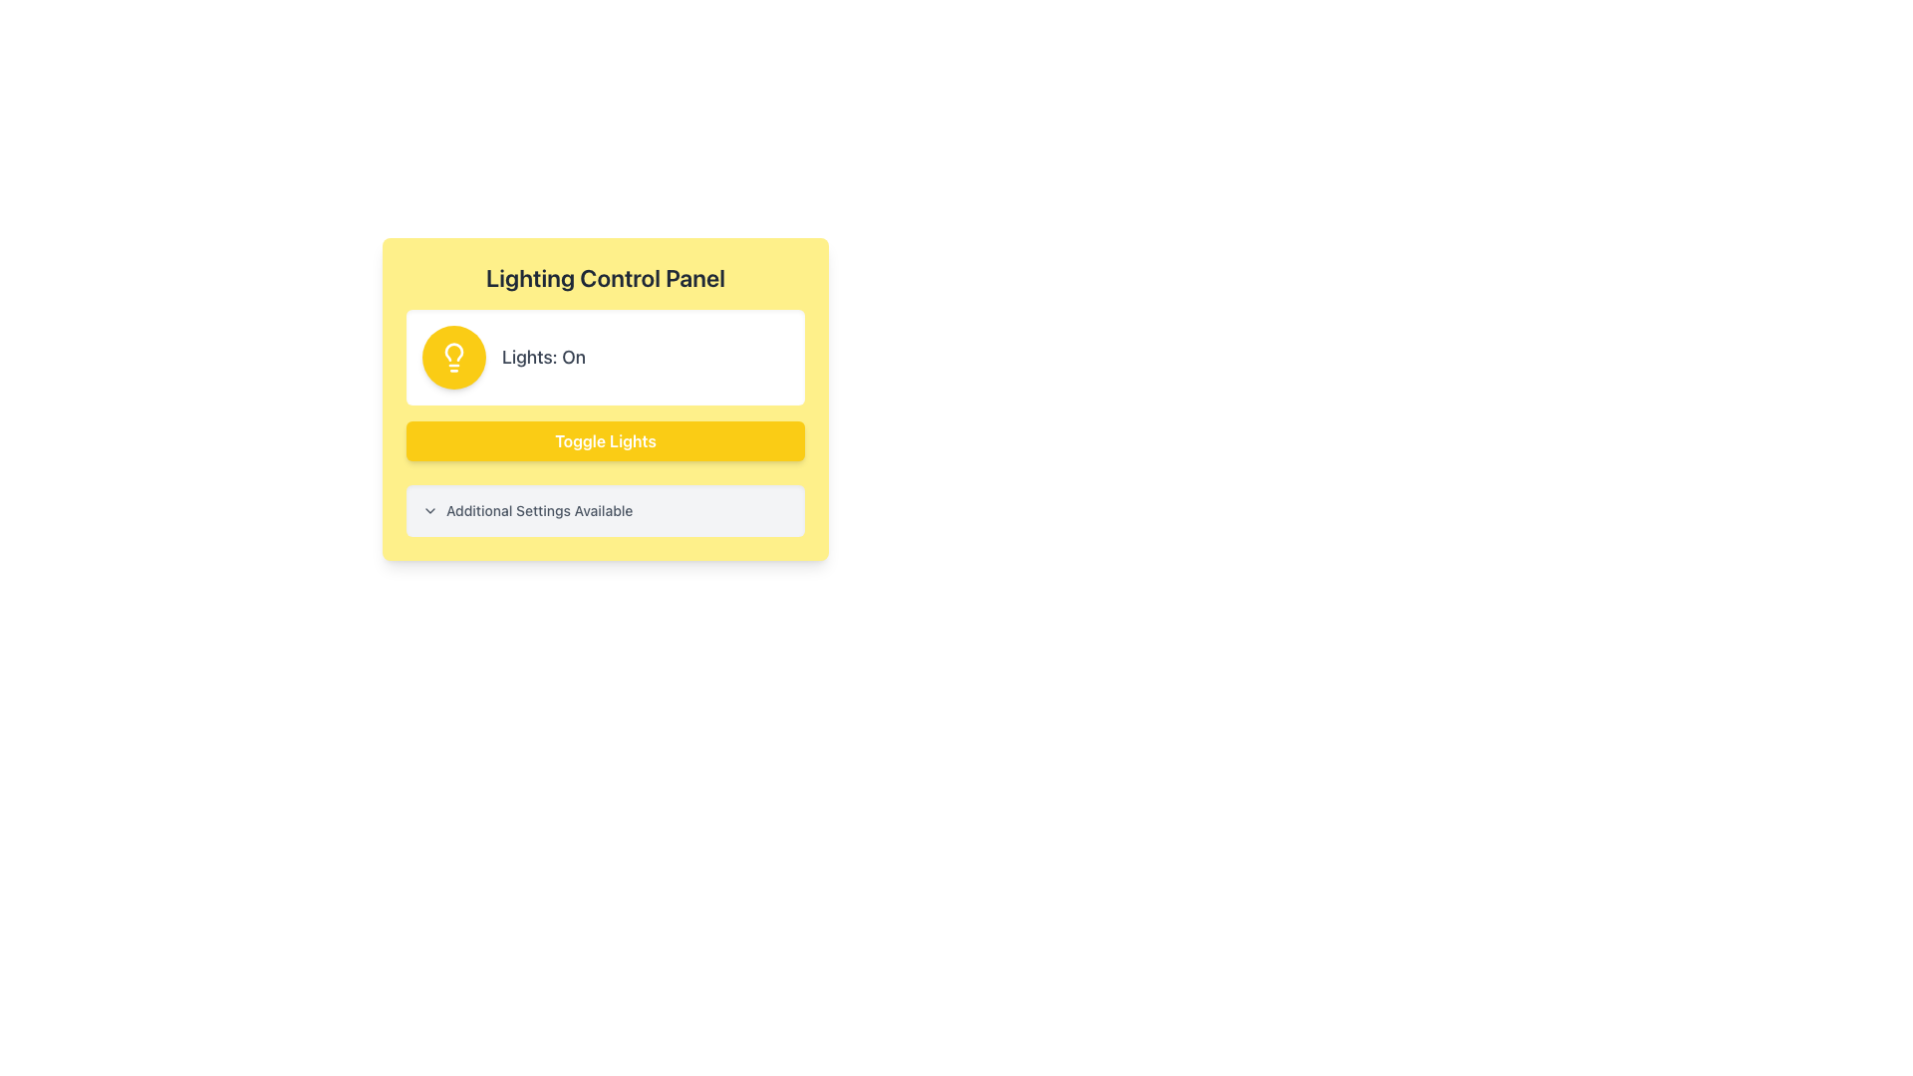 This screenshot has height=1076, width=1913. What do you see at coordinates (605, 510) in the screenshot?
I see `information from the Informational Label with Icon that states 'Additional Settings Available', which is located below the 'Toggle Lights' button in the Lighting Control Panel` at bounding box center [605, 510].